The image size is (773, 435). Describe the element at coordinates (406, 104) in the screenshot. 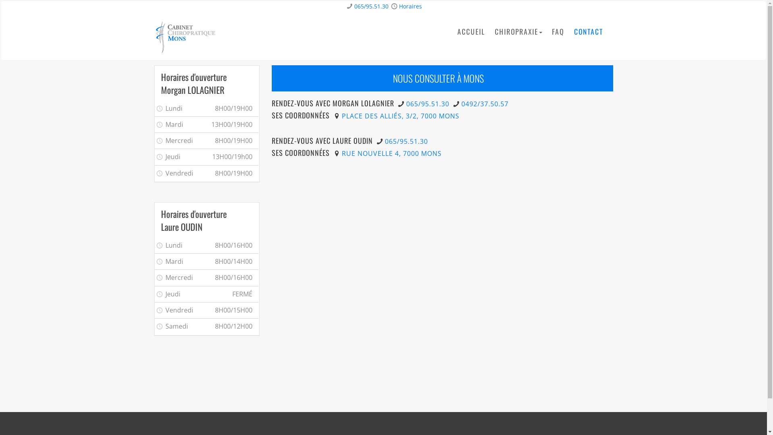

I see `'065/95.51.30'` at that location.